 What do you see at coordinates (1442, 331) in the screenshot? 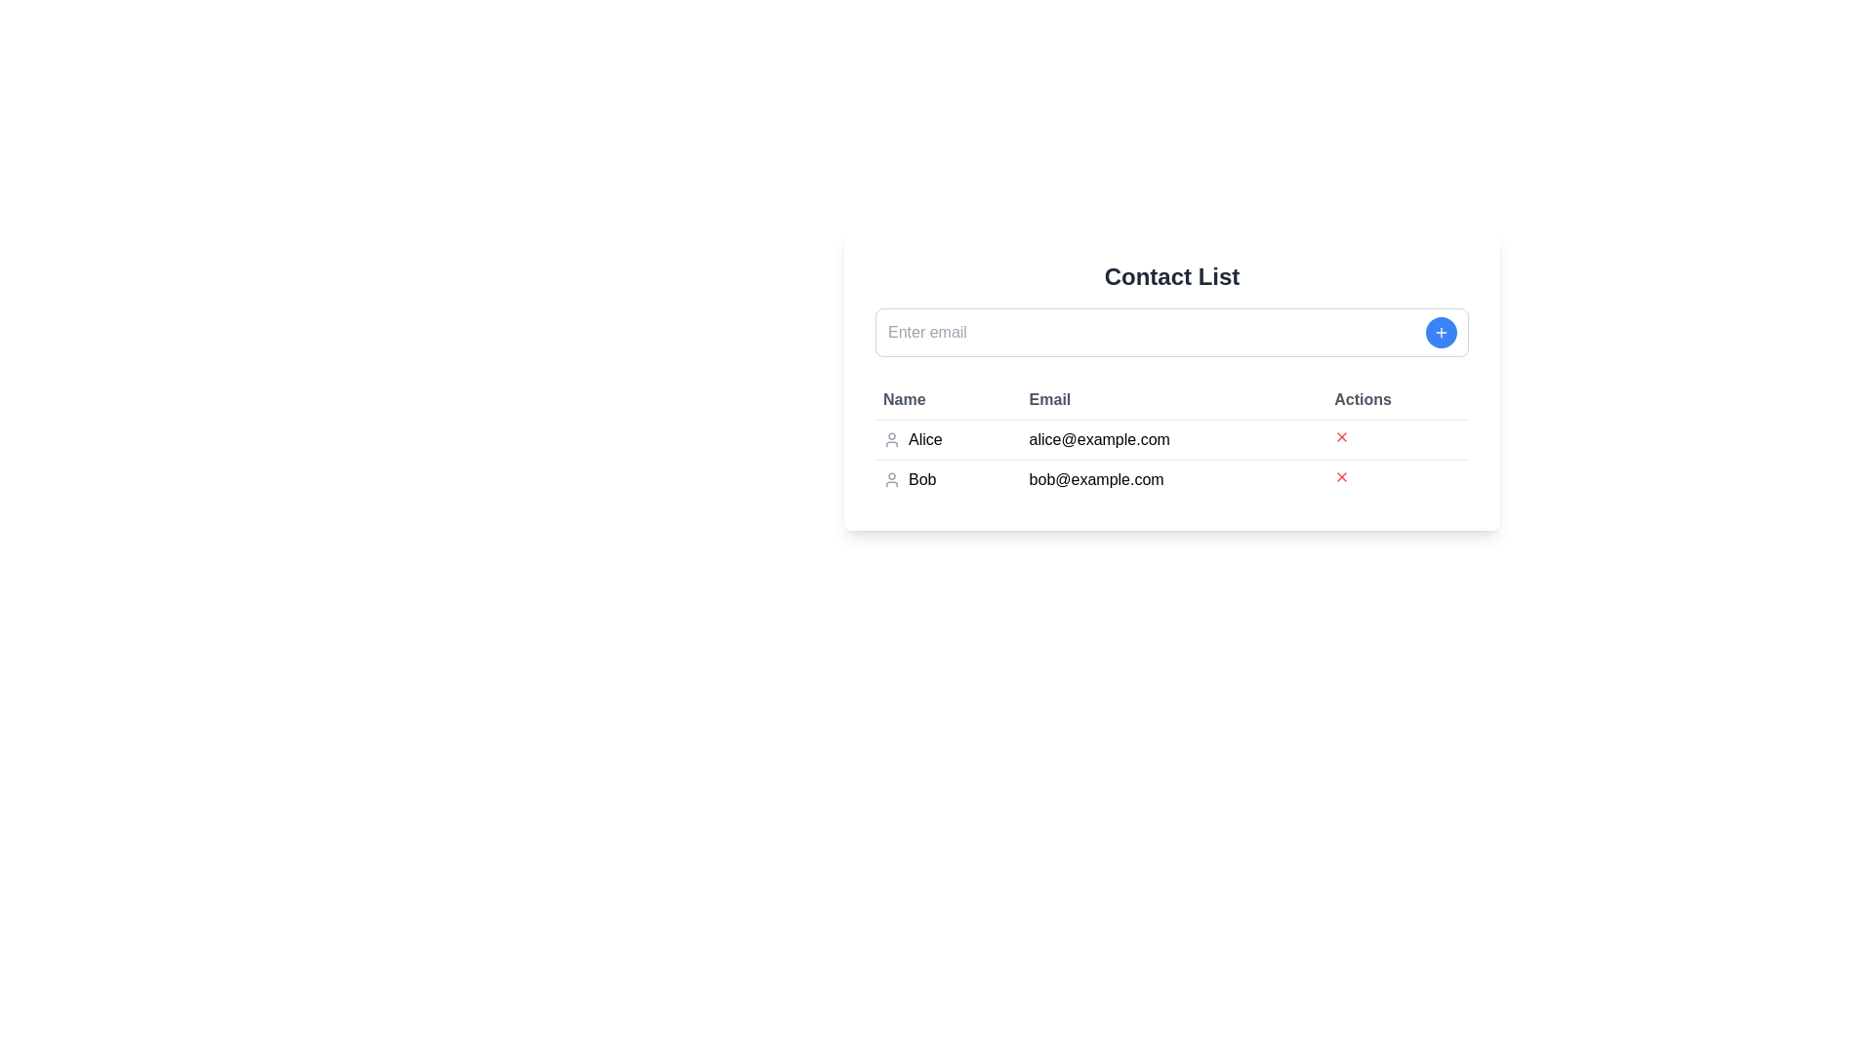
I see `the button for adding new contacts located in the top right corner of the 'Contact List' panel` at bounding box center [1442, 331].